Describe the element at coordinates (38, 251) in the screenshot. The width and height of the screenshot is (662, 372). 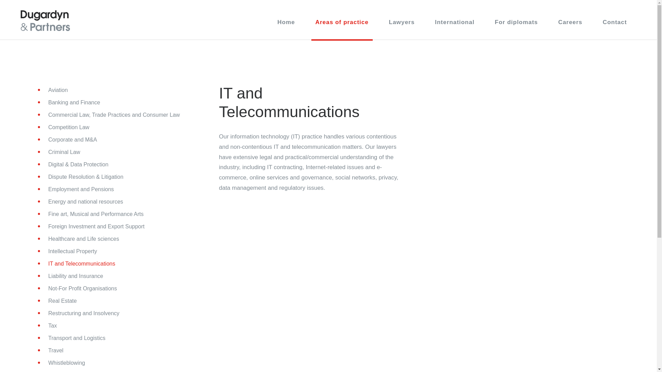
I see `'Intellectual Property'` at that location.